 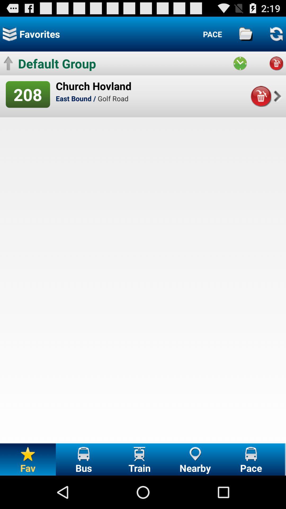 What do you see at coordinates (245, 34) in the screenshot?
I see `archived/ saved places` at bounding box center [245, 34].